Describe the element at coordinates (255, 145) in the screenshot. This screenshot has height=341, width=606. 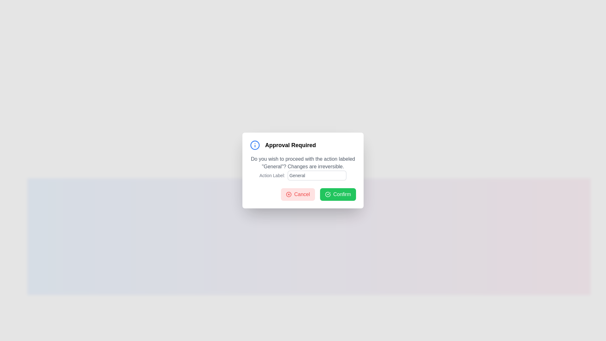
I see `the circular blue outlined information icon featuring an 'i' symbol` at that location.